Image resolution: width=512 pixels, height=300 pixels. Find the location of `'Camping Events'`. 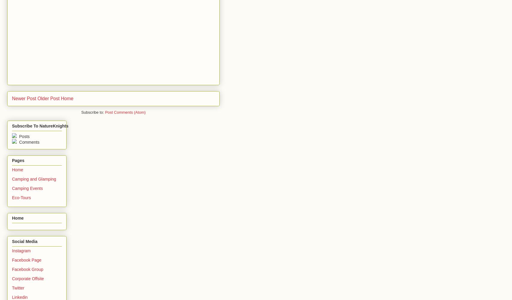

'Camping Events' is located at coordinates (27, 188).